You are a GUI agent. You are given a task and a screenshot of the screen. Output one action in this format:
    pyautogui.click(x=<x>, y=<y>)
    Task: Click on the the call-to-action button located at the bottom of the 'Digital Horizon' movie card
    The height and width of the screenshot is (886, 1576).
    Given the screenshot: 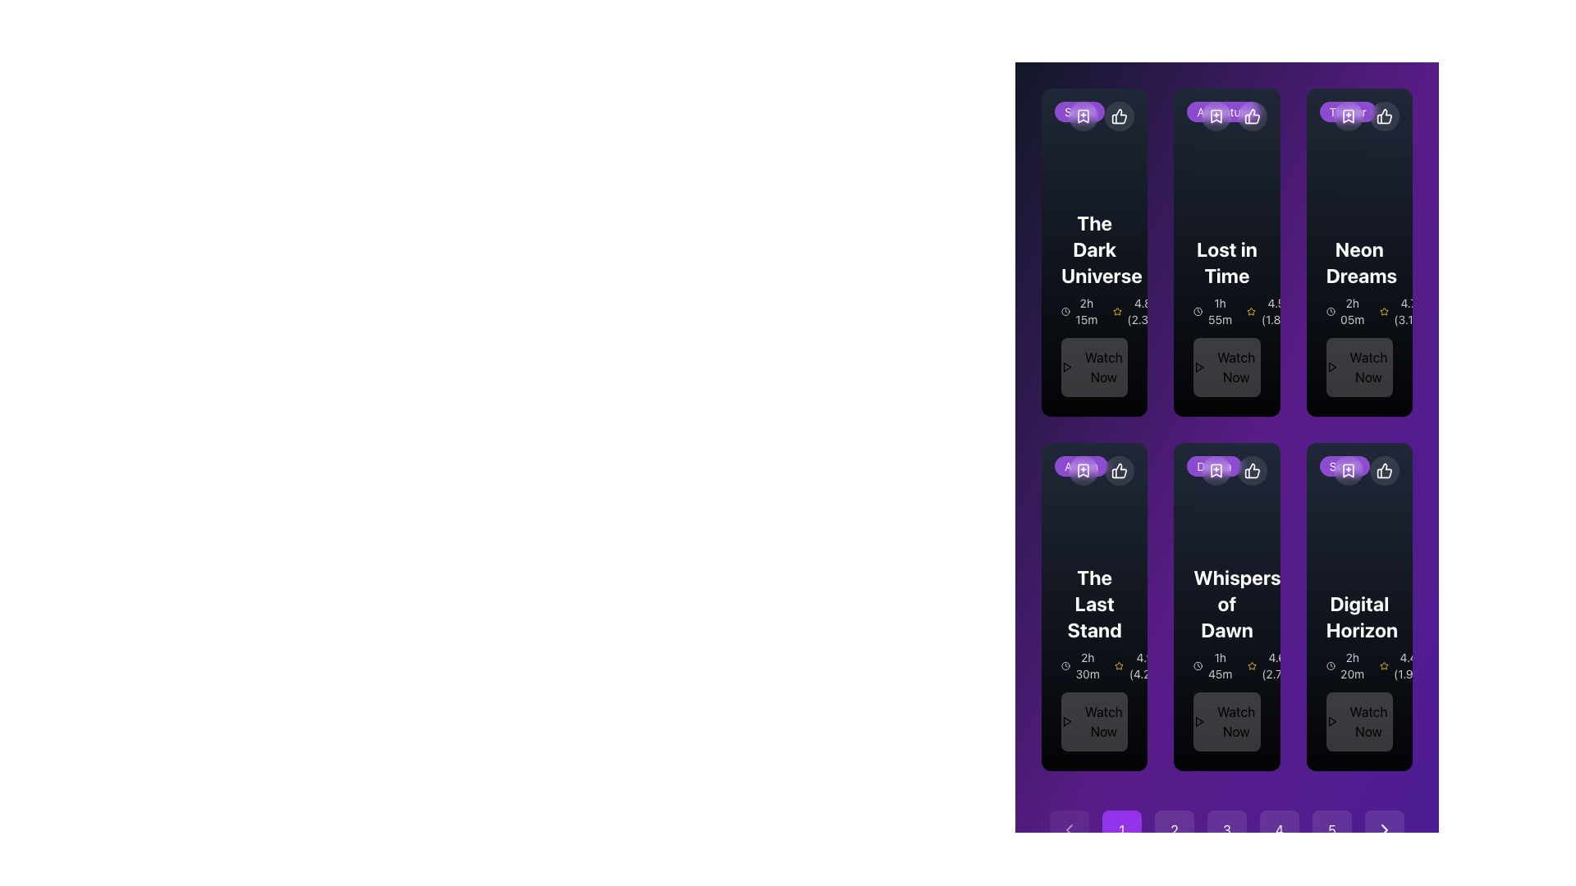 What is the action you would take?
    pyautogui.click(x=1368, y=720)
    